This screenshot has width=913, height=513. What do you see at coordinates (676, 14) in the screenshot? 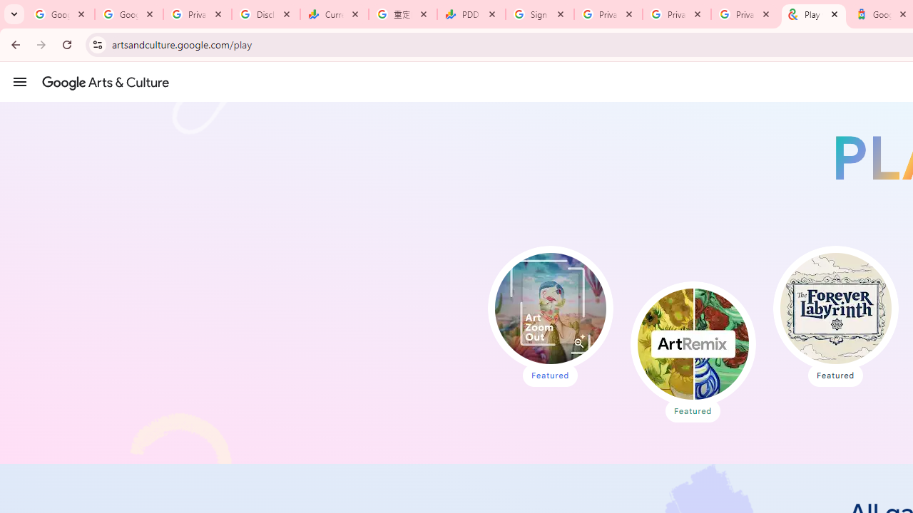
I see `'Privacy Checkup'` at bounding box center [676, 14].